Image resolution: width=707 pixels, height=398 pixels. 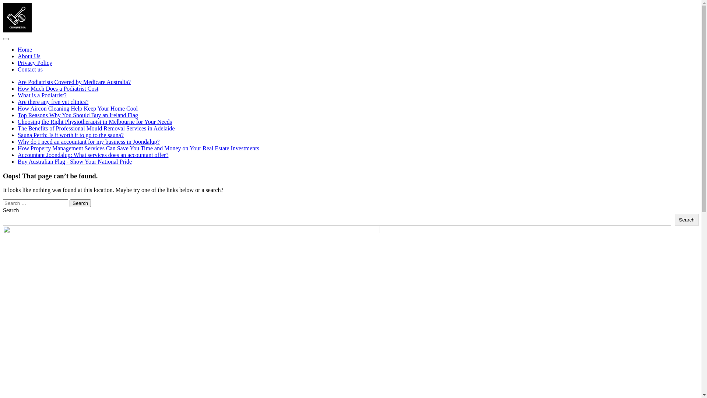 What do you see at coordinates (35, 203) in the screenshot?
I see `'Search for:'` at bounding box center [35, 203].